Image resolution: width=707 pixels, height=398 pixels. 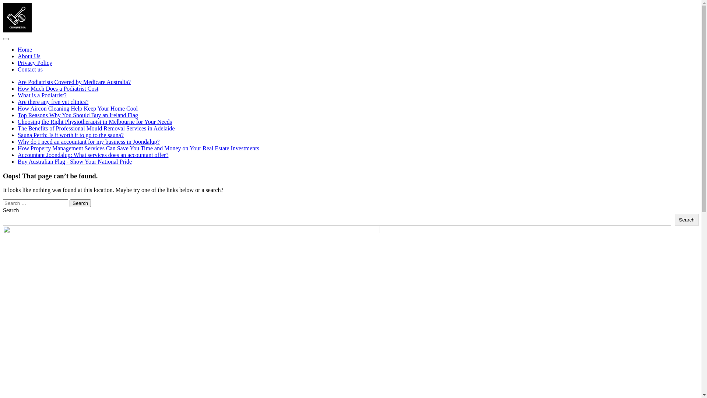 What do you see at coordinates (35, 203) in the screenshot?
I see `'Search for:'` at bounding box center [35, 203].